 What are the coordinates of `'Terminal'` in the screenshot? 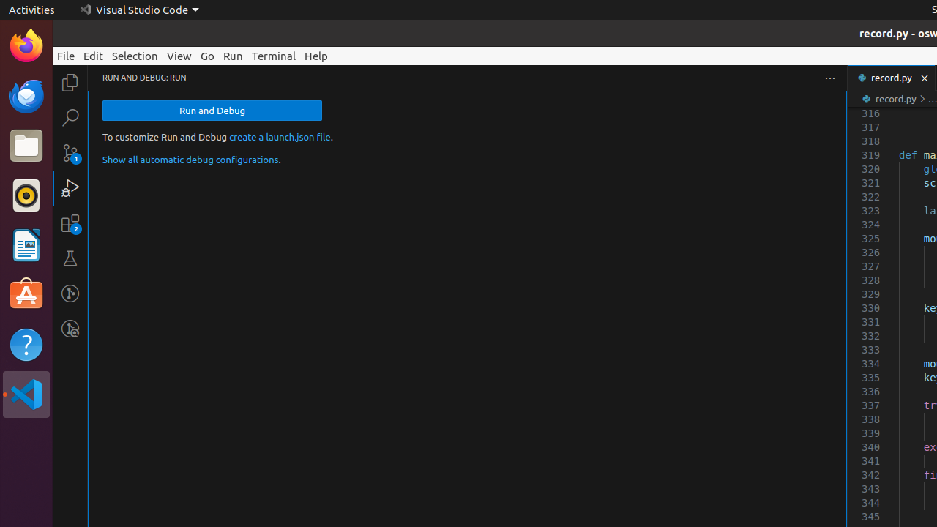 It's located at (274, 55).